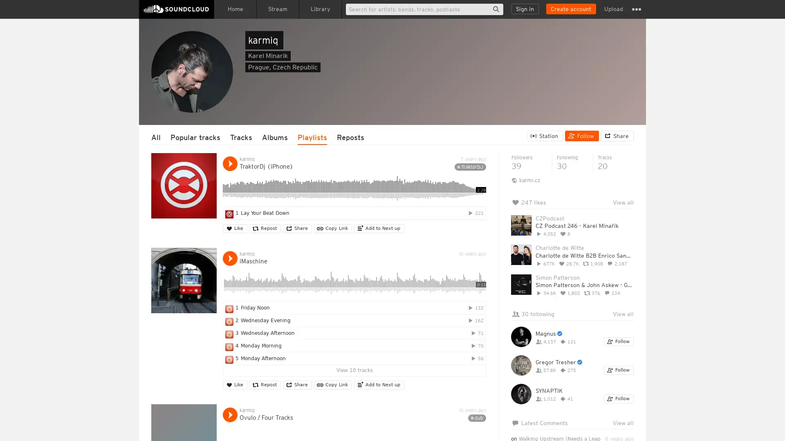 This screenshot has width=785, height=441. I want to click on Search, so click(496, 9).